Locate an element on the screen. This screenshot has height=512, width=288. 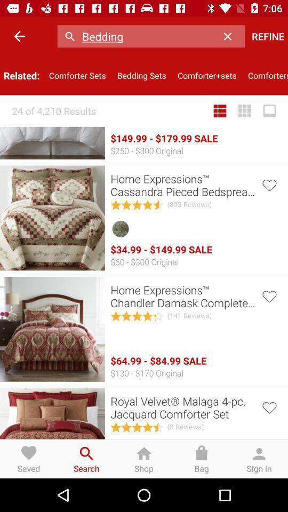
to favorites is located at coordinates (268, 295).